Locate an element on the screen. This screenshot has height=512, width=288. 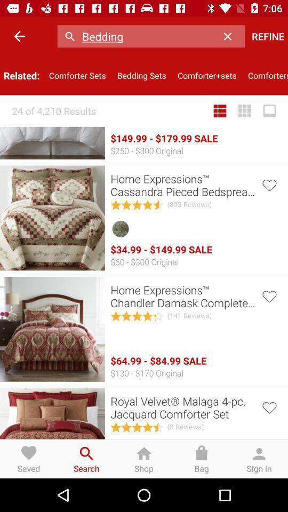
to favorites is located at coordinates (268, 295).